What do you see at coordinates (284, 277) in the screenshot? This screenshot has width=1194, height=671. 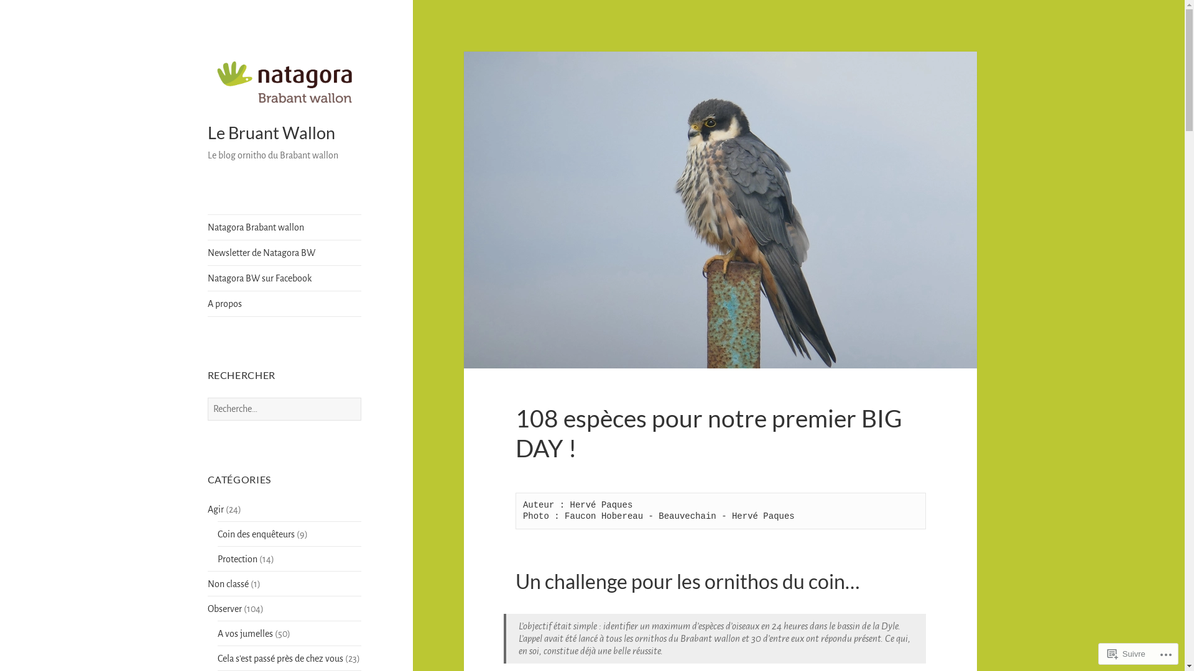 I see `'Natagora BW sur Facebook'` at bounding box center [284, 277].